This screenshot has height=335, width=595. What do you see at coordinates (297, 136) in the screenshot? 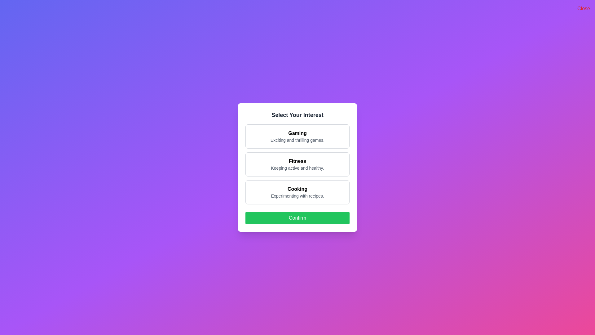
I see `the interest option Gaming by clicking on it` at bounding box center [297, 136].